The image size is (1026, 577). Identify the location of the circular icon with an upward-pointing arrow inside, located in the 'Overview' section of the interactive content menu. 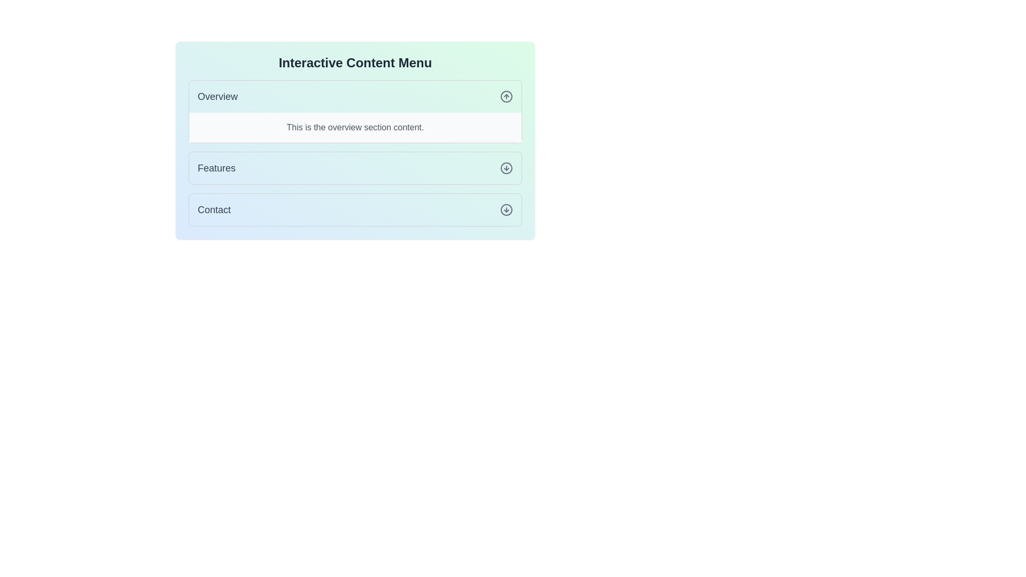
(506, 97).